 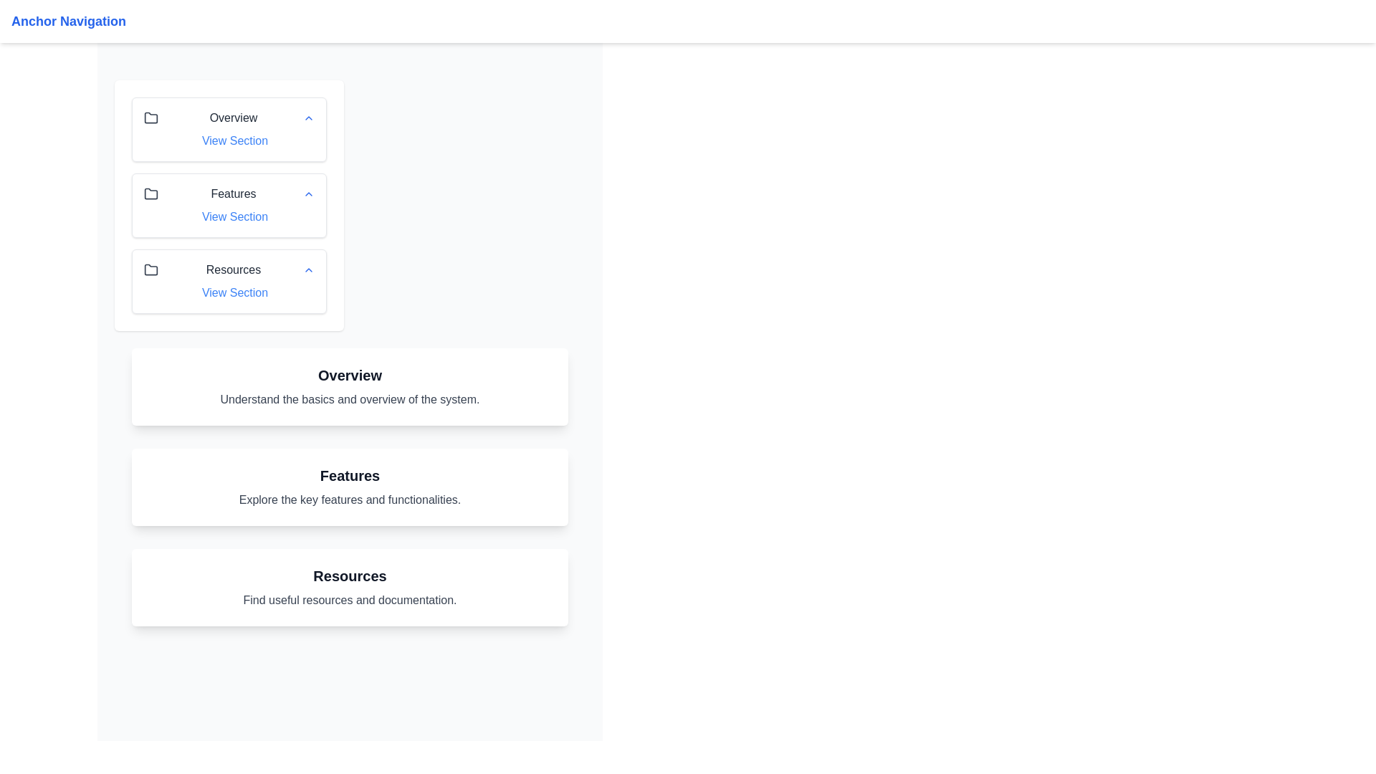 What do you see at coordinates (151, 117) in the screenshot?
I see `the folder icon in the sidebar navigation panel, located next to the 'Overview' item` at bounding box center [151, 117].